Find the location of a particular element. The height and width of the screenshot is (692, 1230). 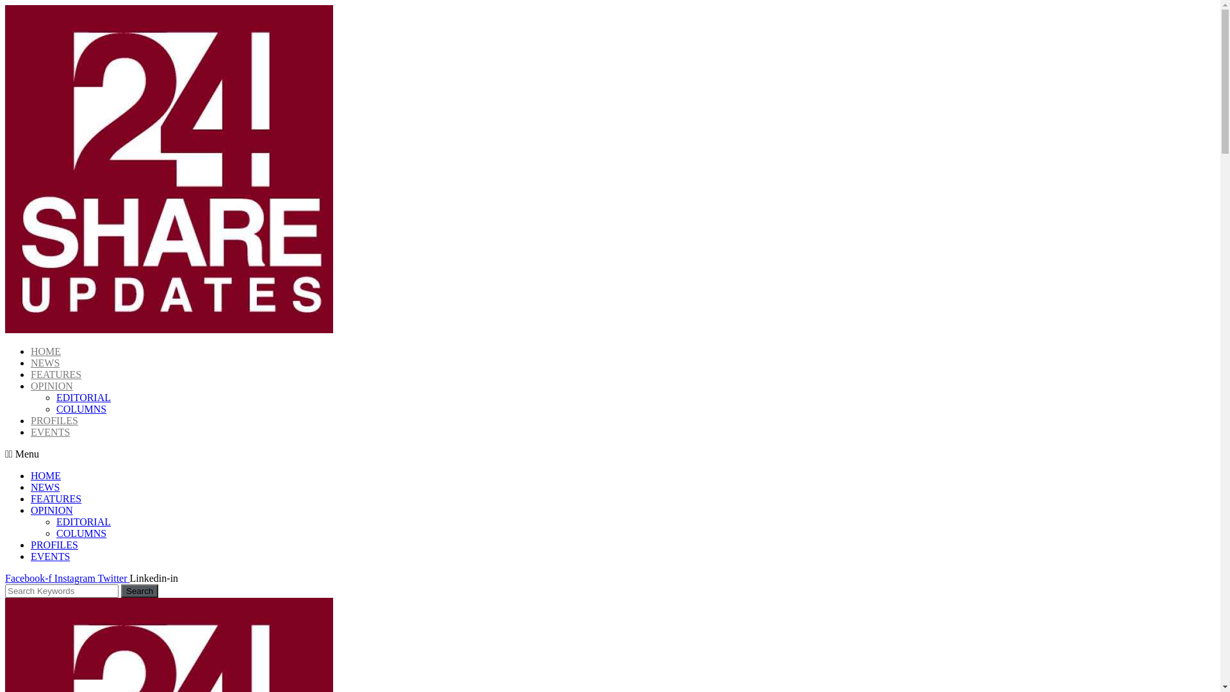

'Linkedin-in' is located at coordinates (129, 578).